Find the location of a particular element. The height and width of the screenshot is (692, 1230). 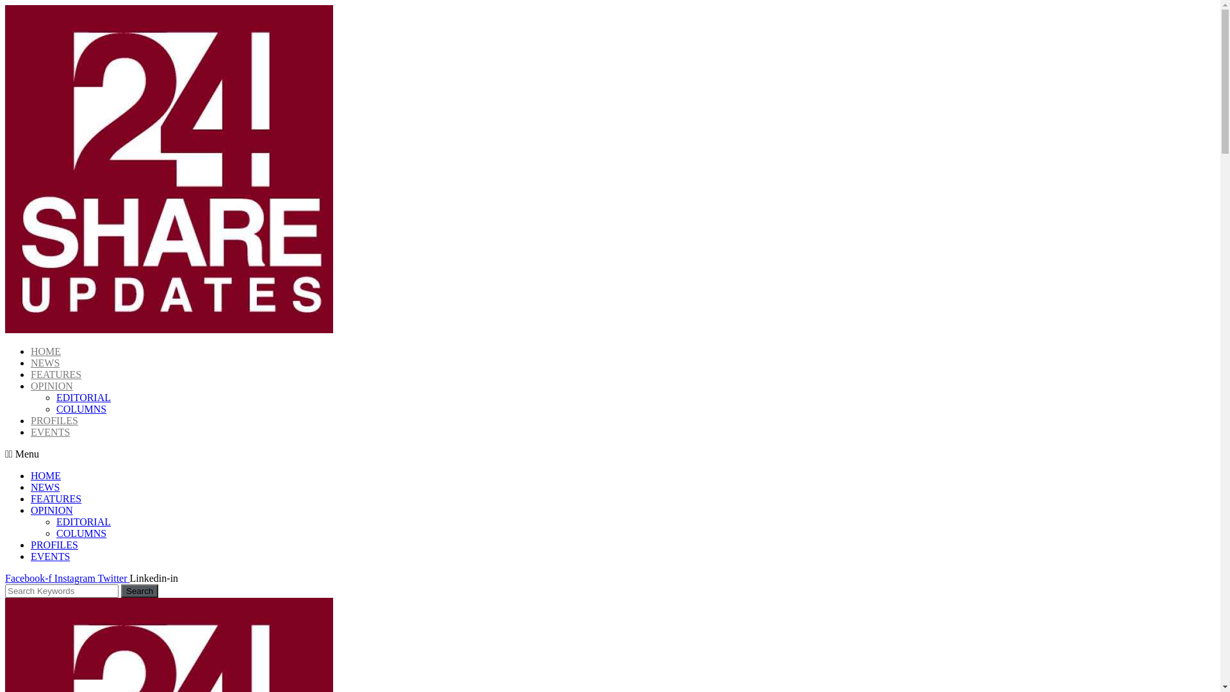

'Linkedin-in' is located at coordinates (129, 578).